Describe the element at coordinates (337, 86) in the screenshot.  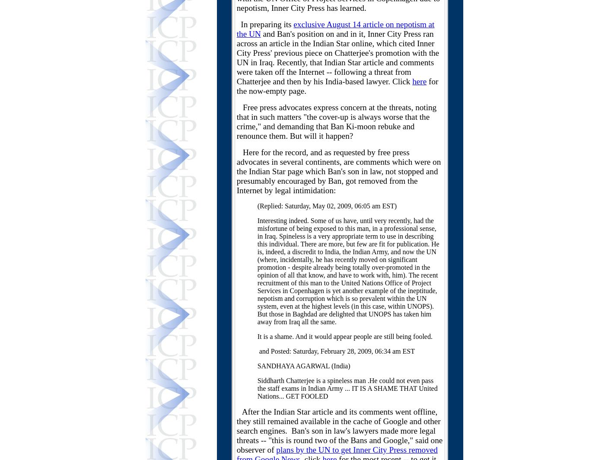
I see `'for
the
now-empty page.'` at that location.